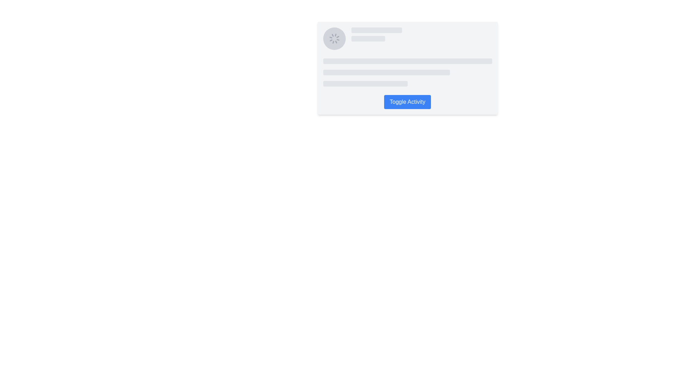 The width and height of the screenshot is (676, 380). What do you see at coordinates (334, 39) in the screenshot?
I see `the loading animation represented by the circular spinner located at the top-left corner of the card-like component` at bounding box center [334, 39].